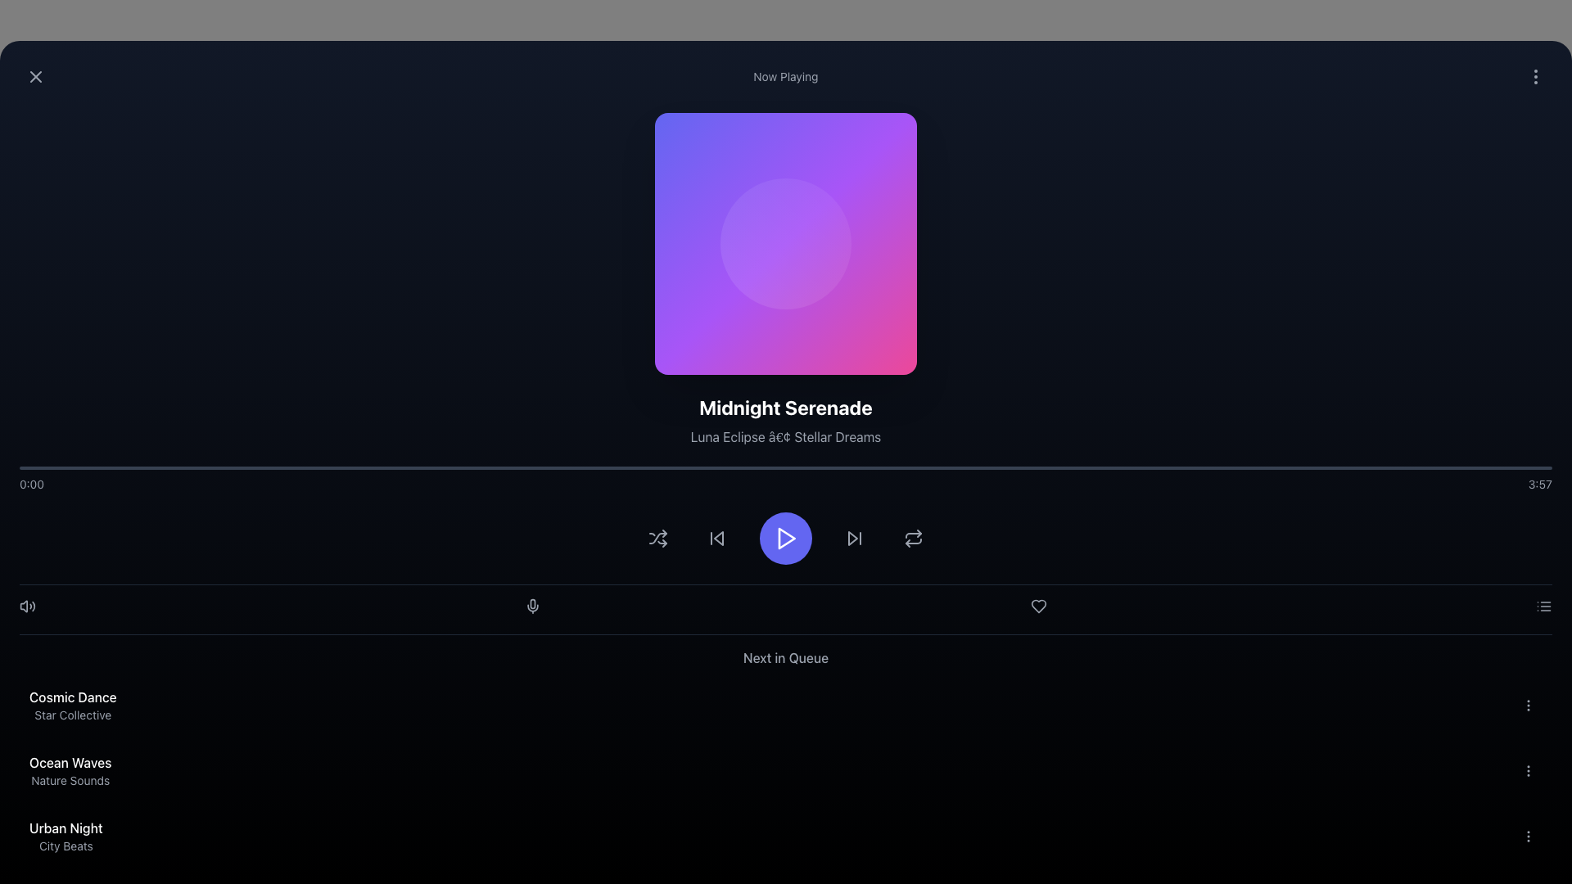 The image size is (1572, 884). Describe the element at coordinates (786, 539) in the screenshot. I see `the circular blue button with a triangular play icon` at that location.